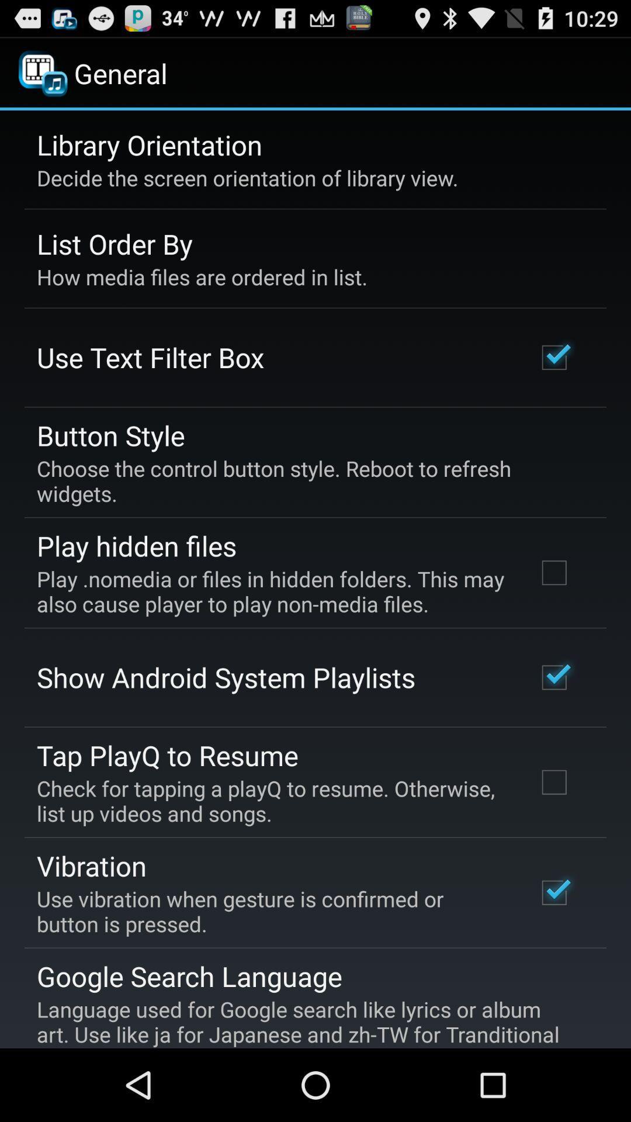 The width and height of the screenshot is (631, 1122). Describe the element at coordinates (553, 782) in the screenshot. I see `the check box which is beside tap playq to resume` at that location.